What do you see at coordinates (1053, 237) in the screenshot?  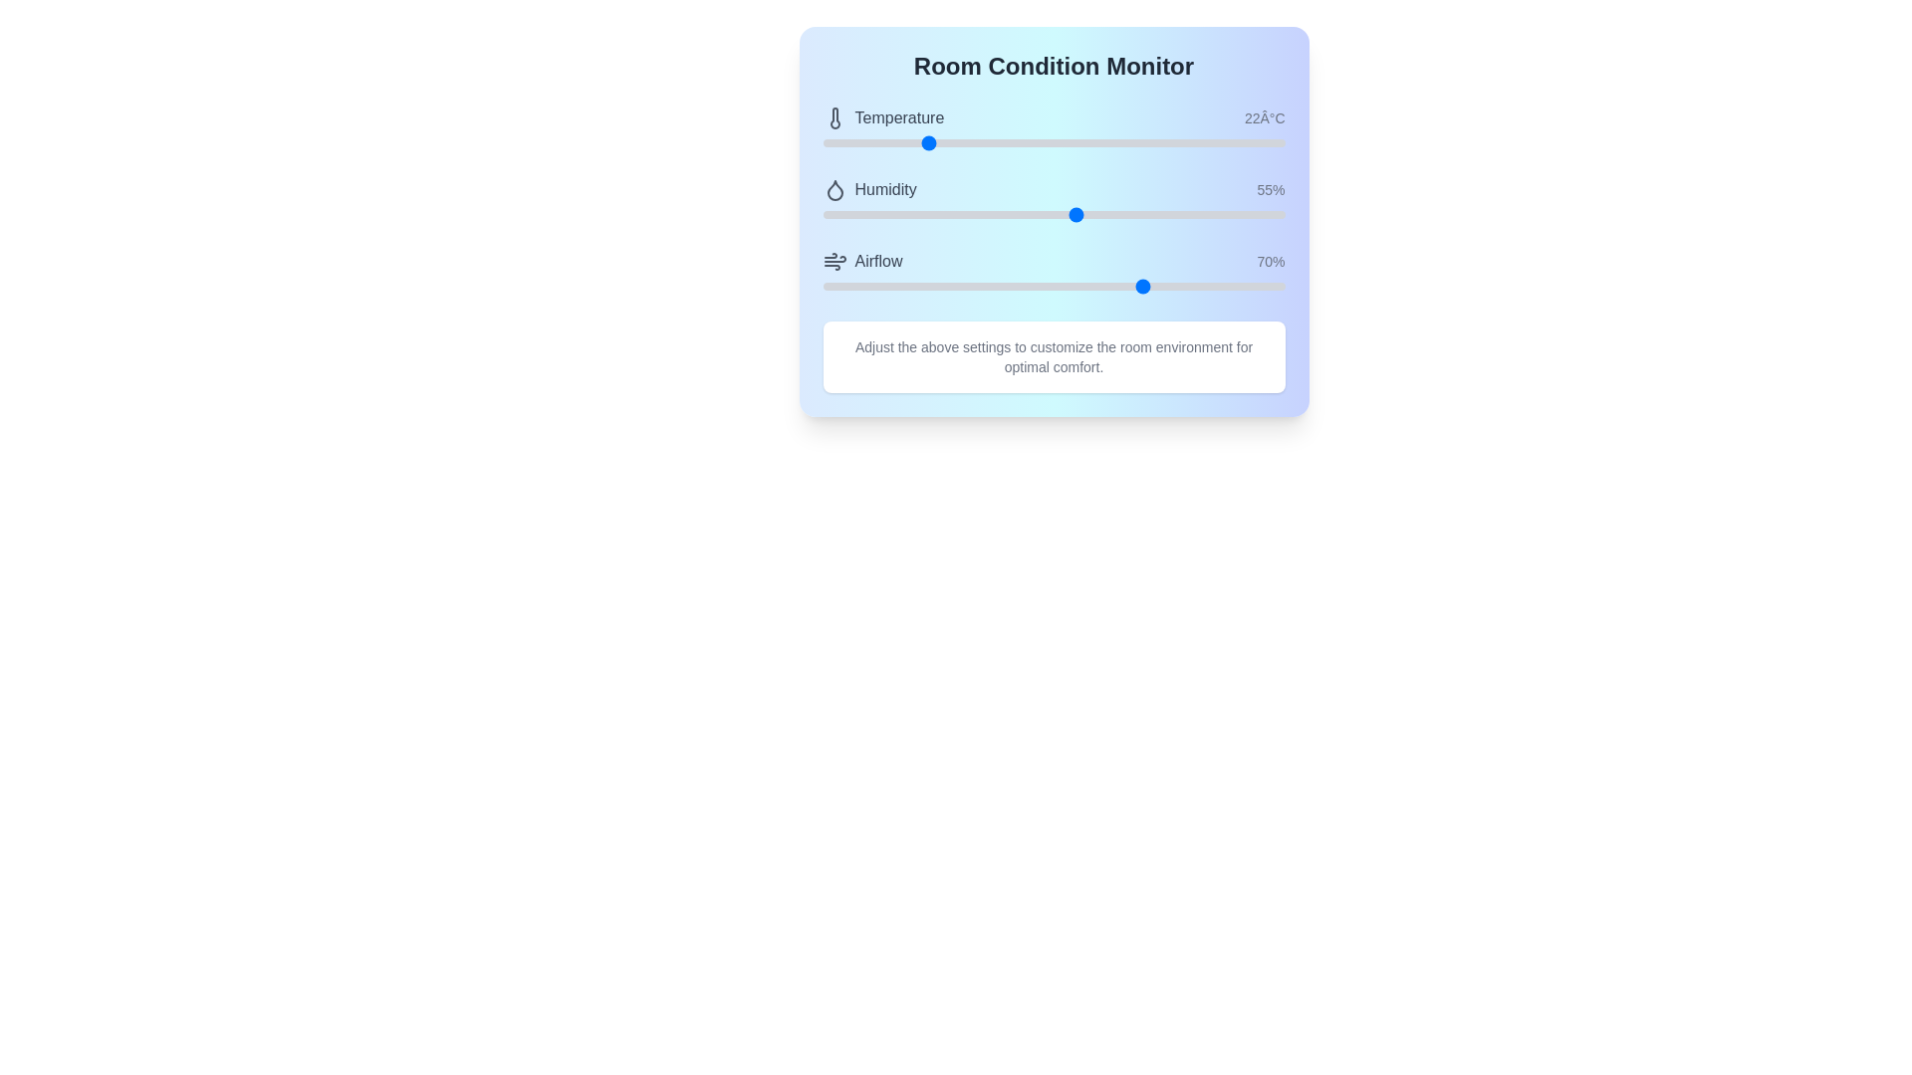 I see `the interactive panel or dashboard that features controls for monitoring and adjusting room conditions such as temperature, humidity, and airflow to adjust the sliders` at bounding box center [1053, 237].